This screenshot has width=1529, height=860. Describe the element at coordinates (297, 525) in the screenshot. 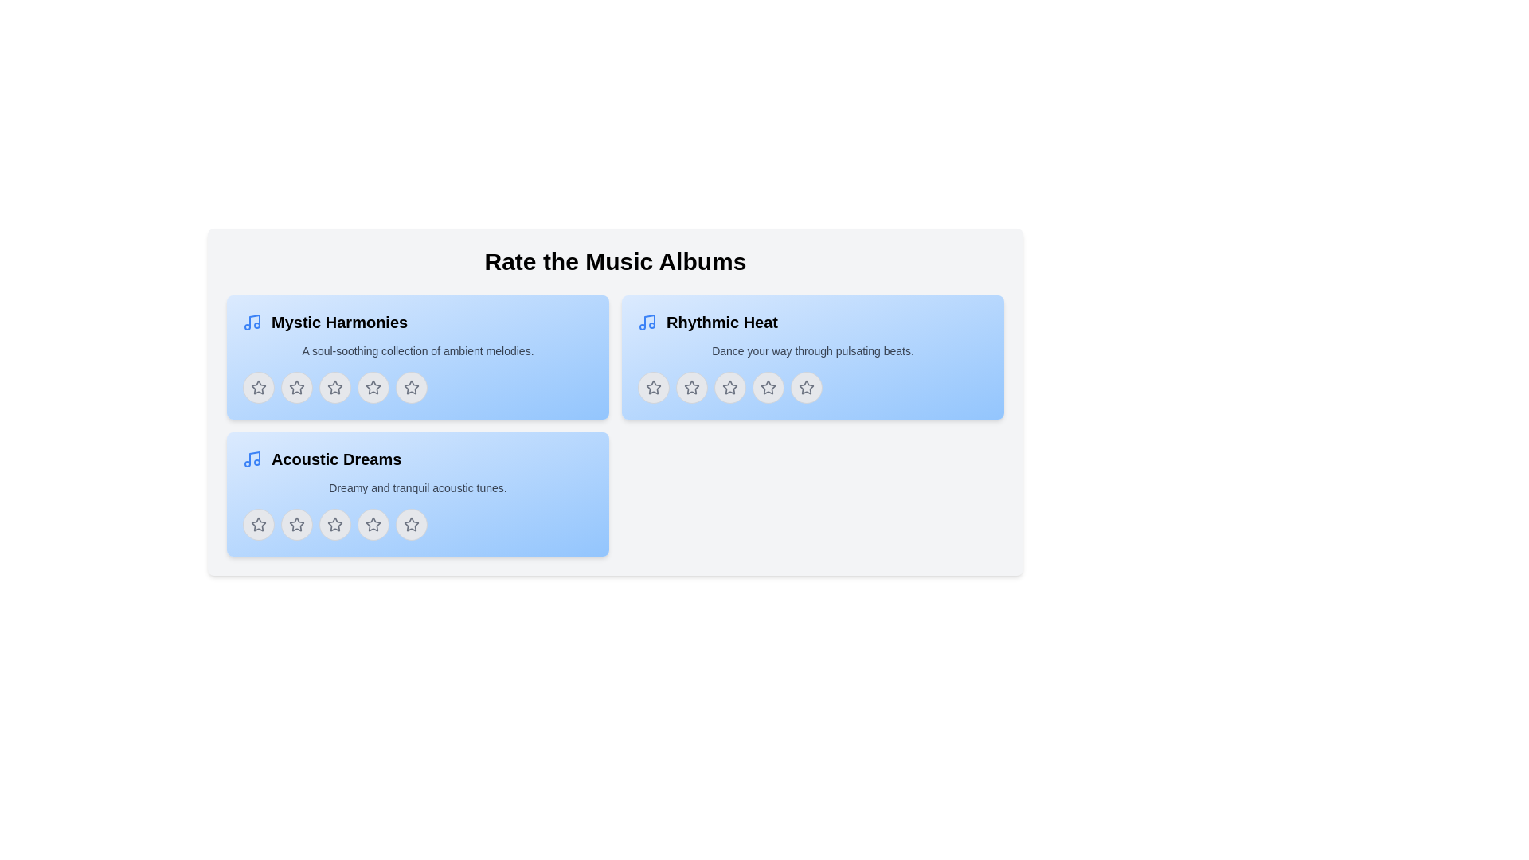

I see `the second star icon in the rating section for the music album 'Acoustic Dreams' to indicate a rating of 2 out of 5` at that location.